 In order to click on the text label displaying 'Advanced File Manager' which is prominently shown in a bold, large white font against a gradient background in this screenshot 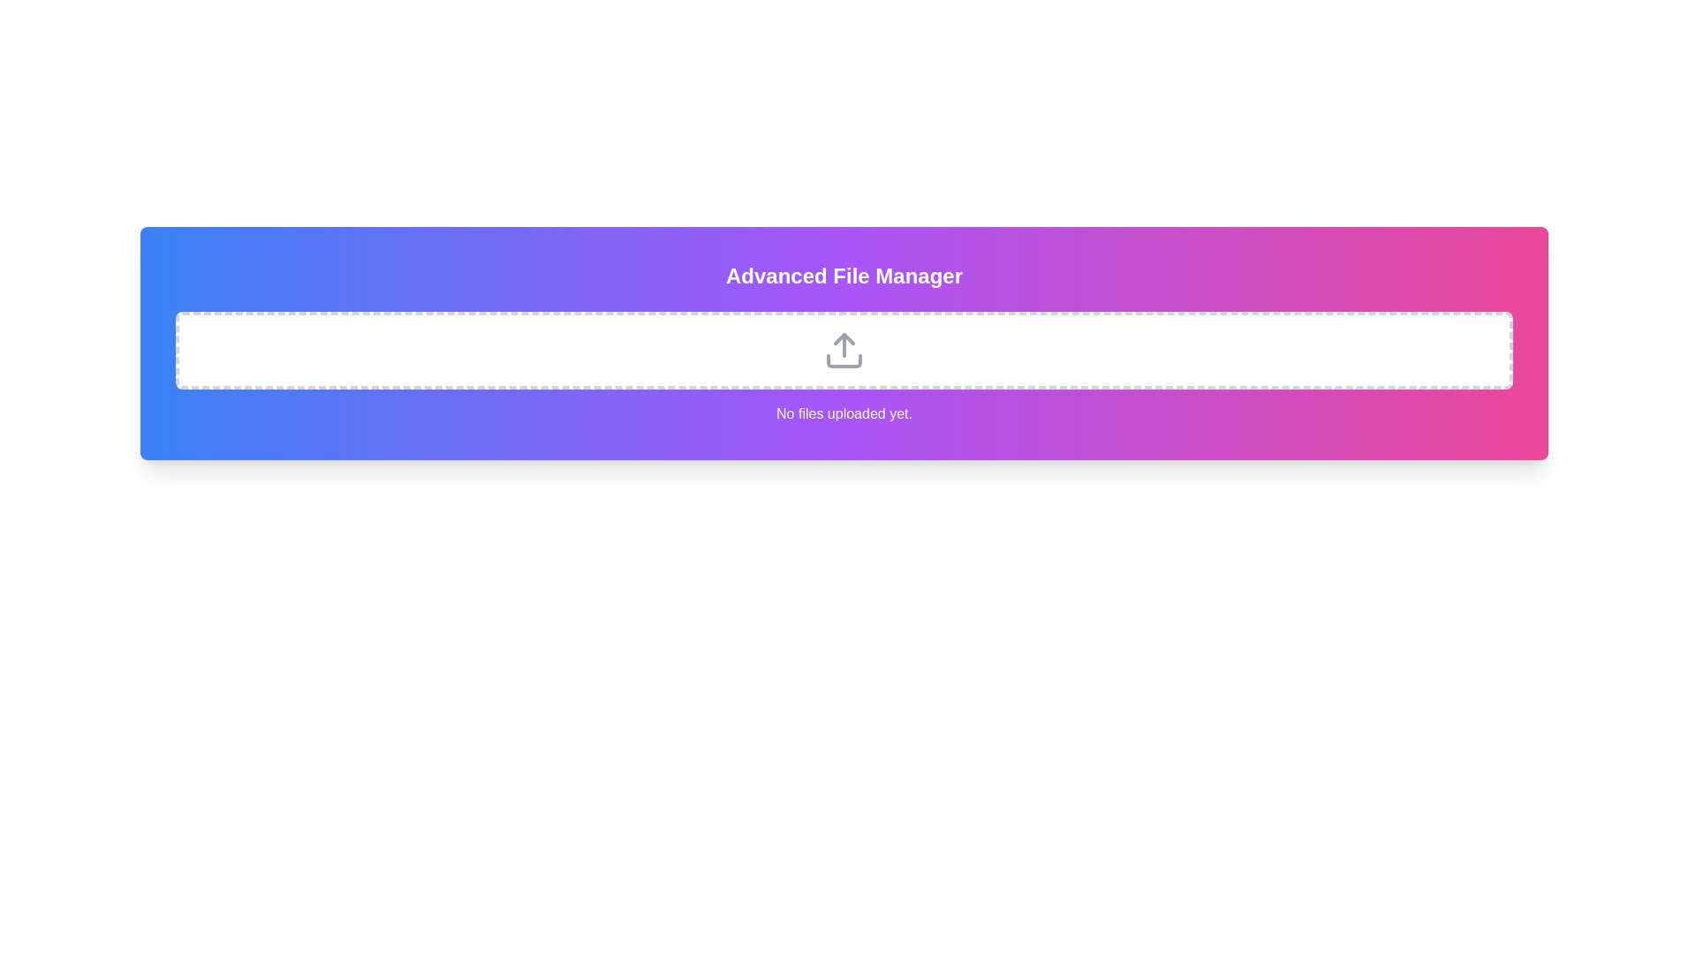, I will do `click(843, 276)`.